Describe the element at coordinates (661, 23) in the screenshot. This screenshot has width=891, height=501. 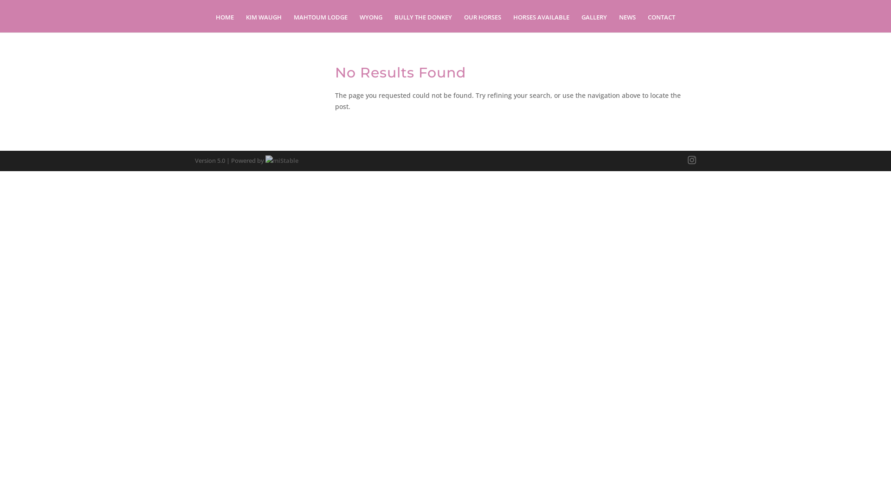
I see `'CONTACT'` at that location.